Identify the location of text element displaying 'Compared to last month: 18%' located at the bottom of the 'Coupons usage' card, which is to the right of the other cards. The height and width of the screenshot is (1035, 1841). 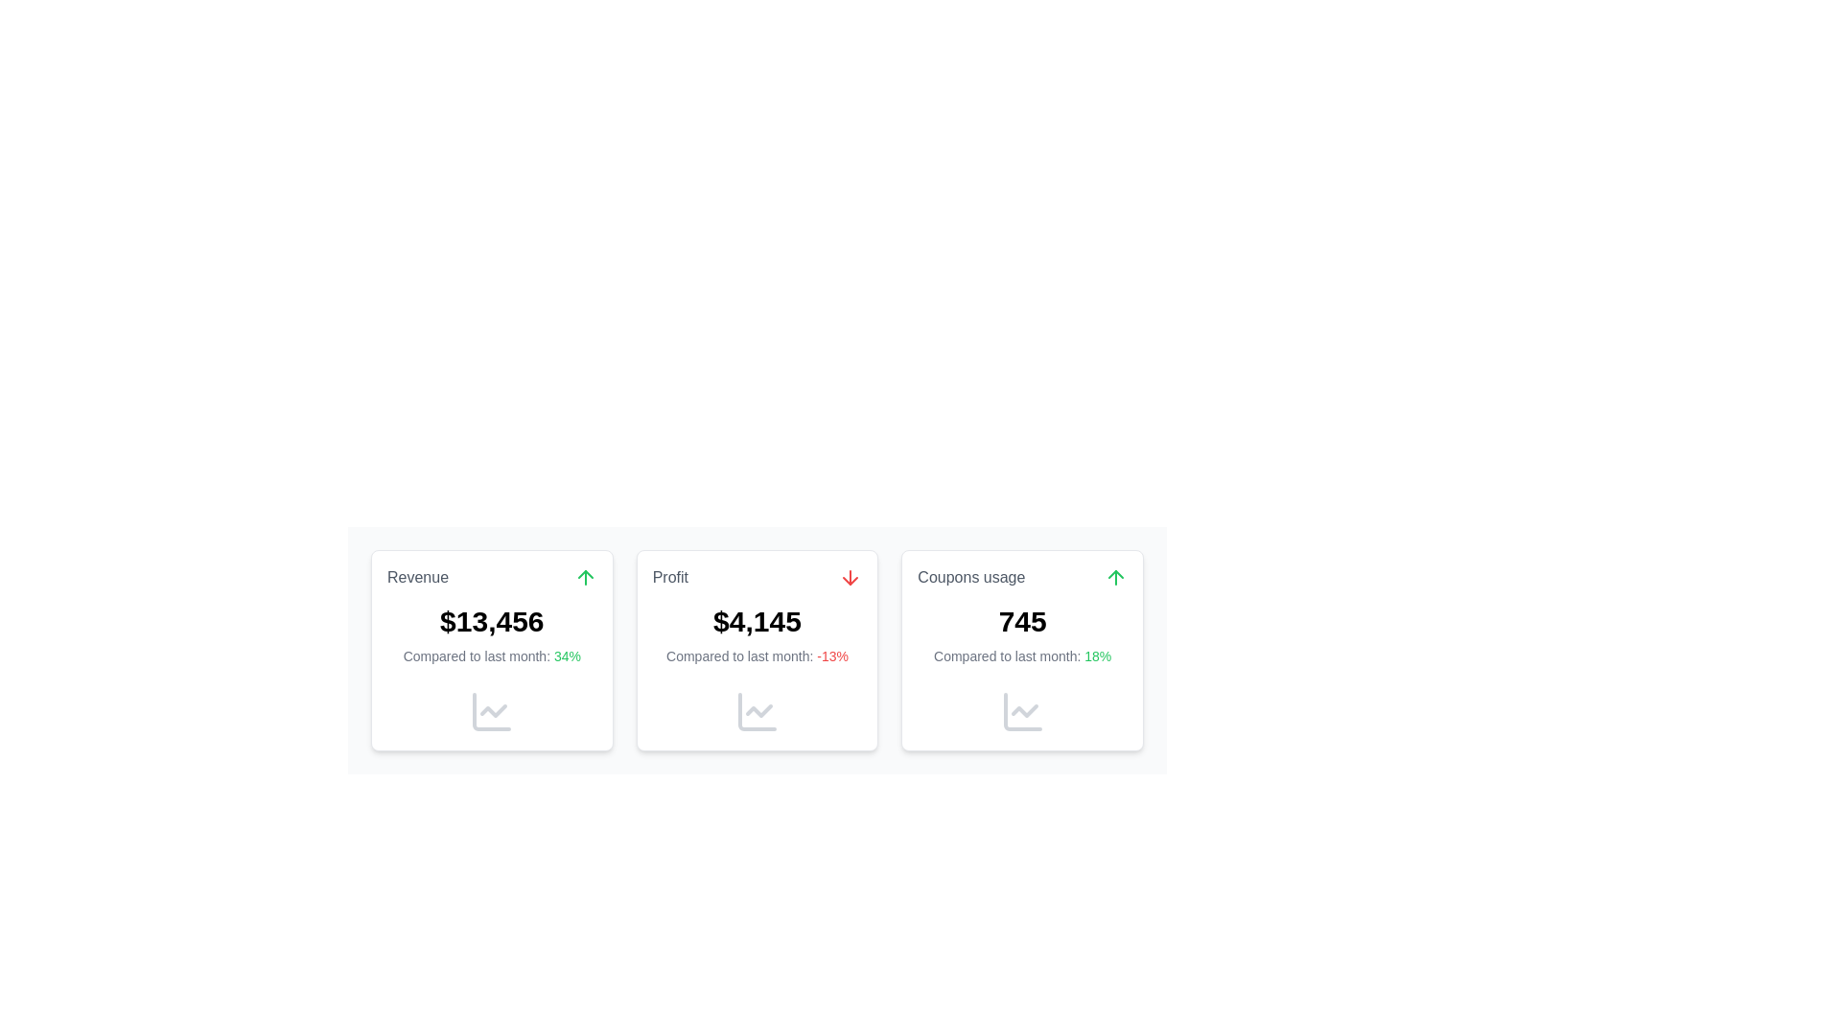
(1021, 655).